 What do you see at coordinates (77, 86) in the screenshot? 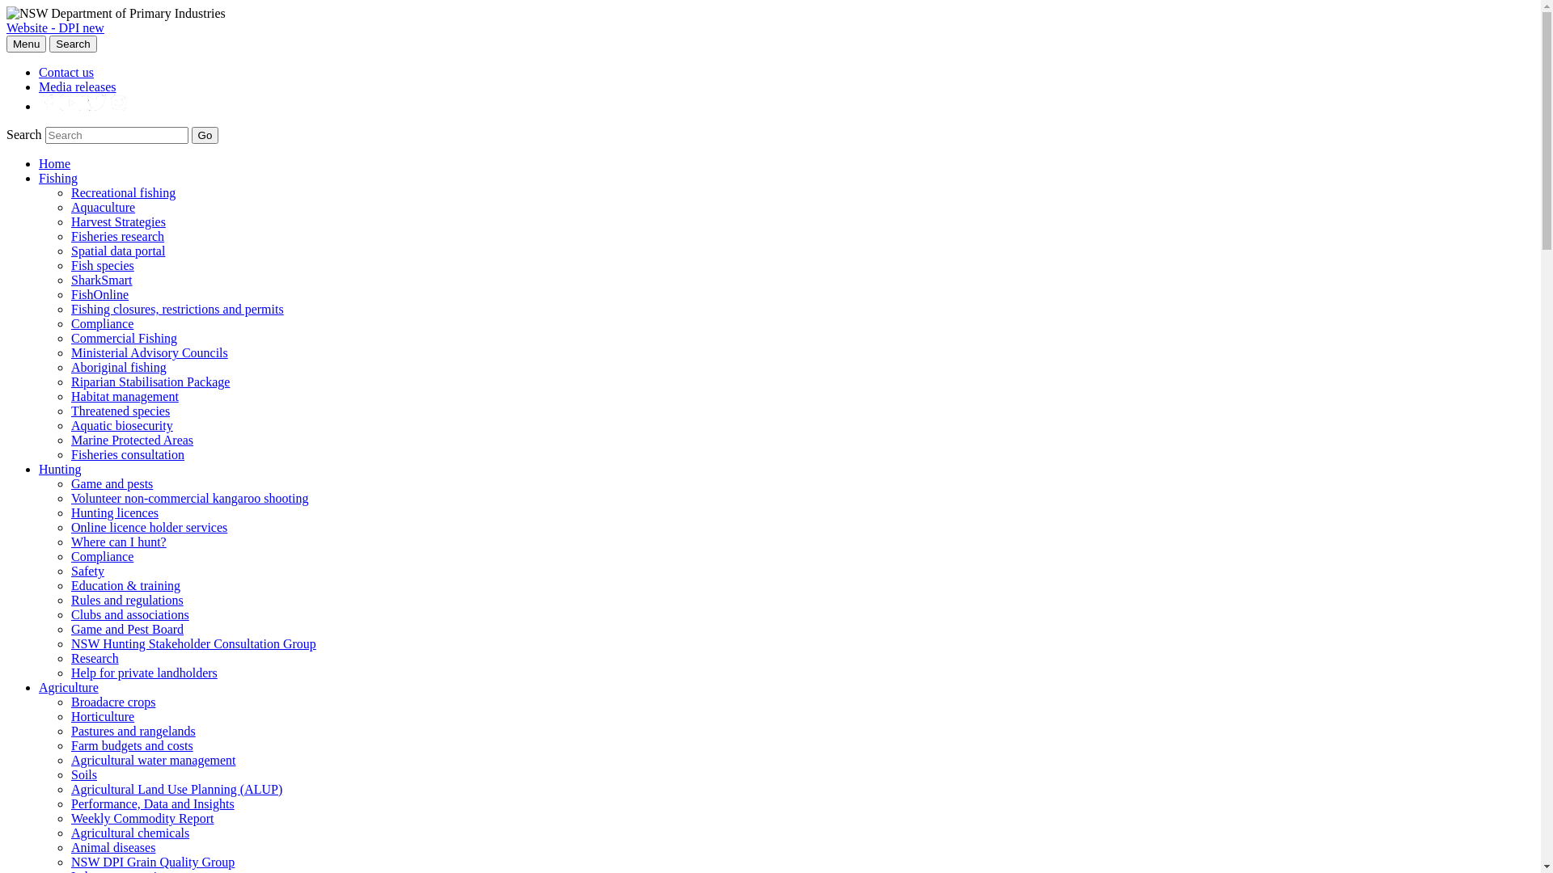
I see `'Media releases'` at bounding box center [77, 86].